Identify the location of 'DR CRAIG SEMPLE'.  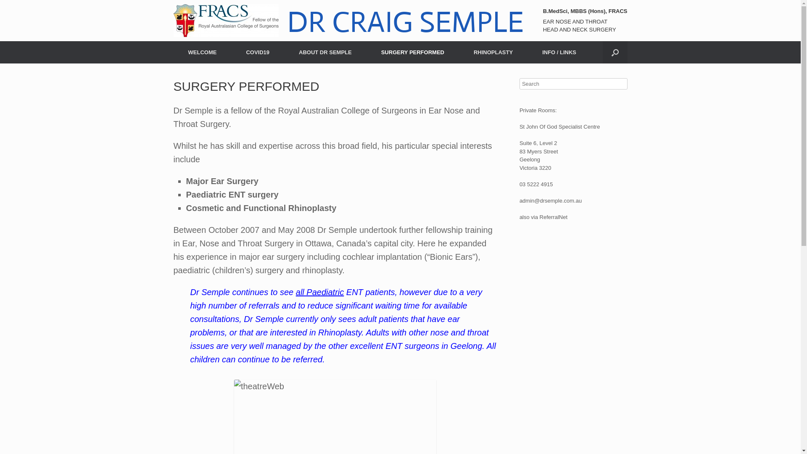
(348, 20).